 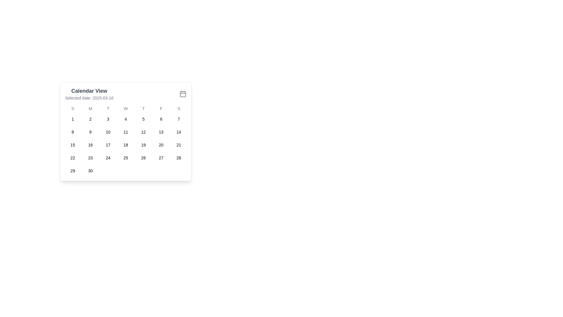 What do you see at coordinates (143, 145) in the screenshot?
I see `the text label displaying the number '19' in the calendar grid, which is located in the fifth column of the fourth row under the header 'T' for Tuesday` at bounding box center [143, 145].